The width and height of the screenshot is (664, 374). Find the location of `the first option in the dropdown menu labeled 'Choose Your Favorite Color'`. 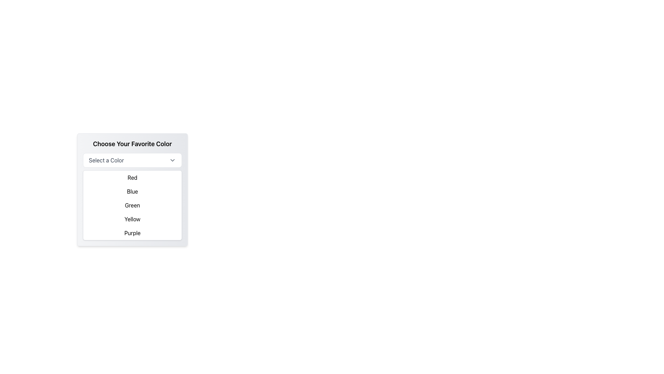

the first option in the dropdown menu labeled 'Choose Your Favorite Color' is located at coordinates (132, 177).